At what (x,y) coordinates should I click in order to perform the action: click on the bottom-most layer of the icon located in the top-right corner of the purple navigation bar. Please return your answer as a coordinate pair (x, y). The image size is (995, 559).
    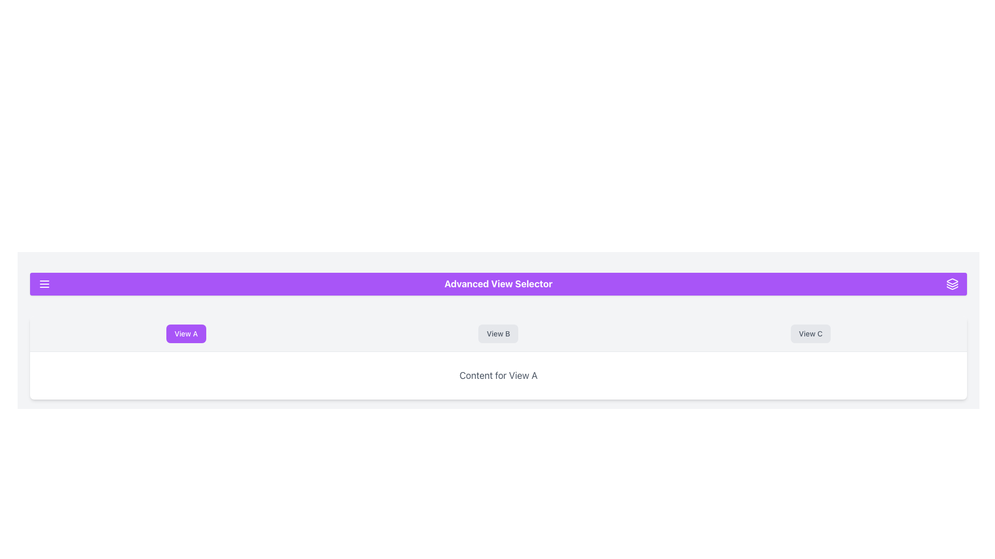
    Looking at the image, I should click on (953, 288).